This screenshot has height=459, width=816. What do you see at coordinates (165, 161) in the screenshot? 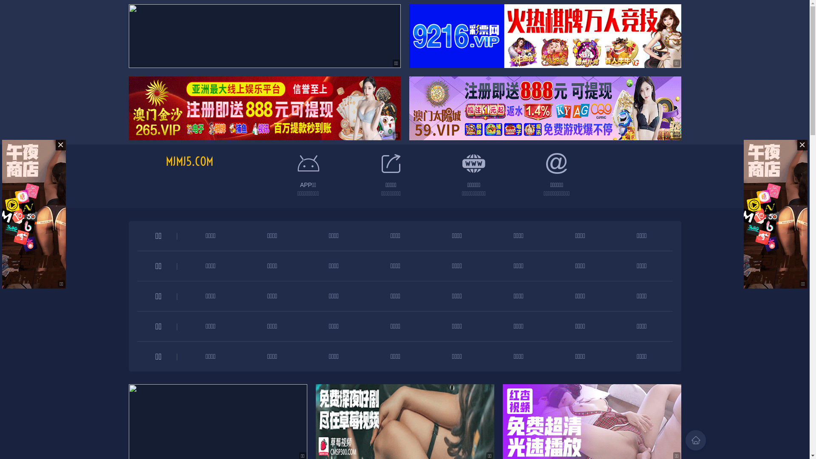
I see `'MJMJ5.COM'` at bounding box center [165, 161].